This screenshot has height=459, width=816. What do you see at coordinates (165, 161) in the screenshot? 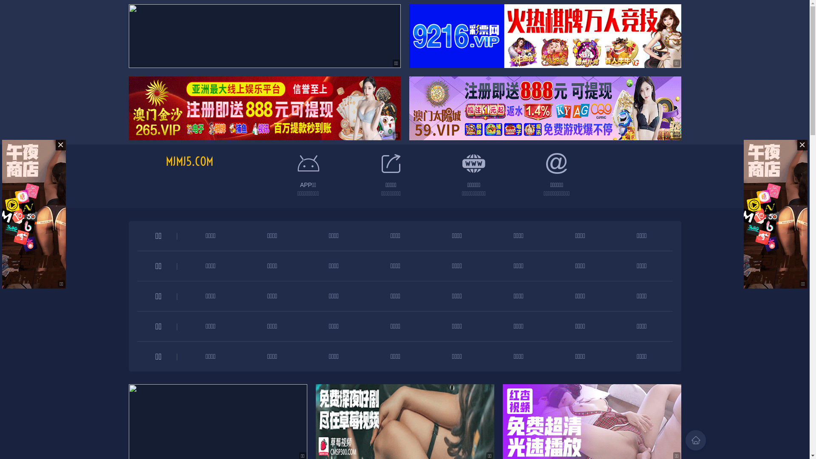
I see `'MJMJ5.COM'` at bounding box center [165, 161].